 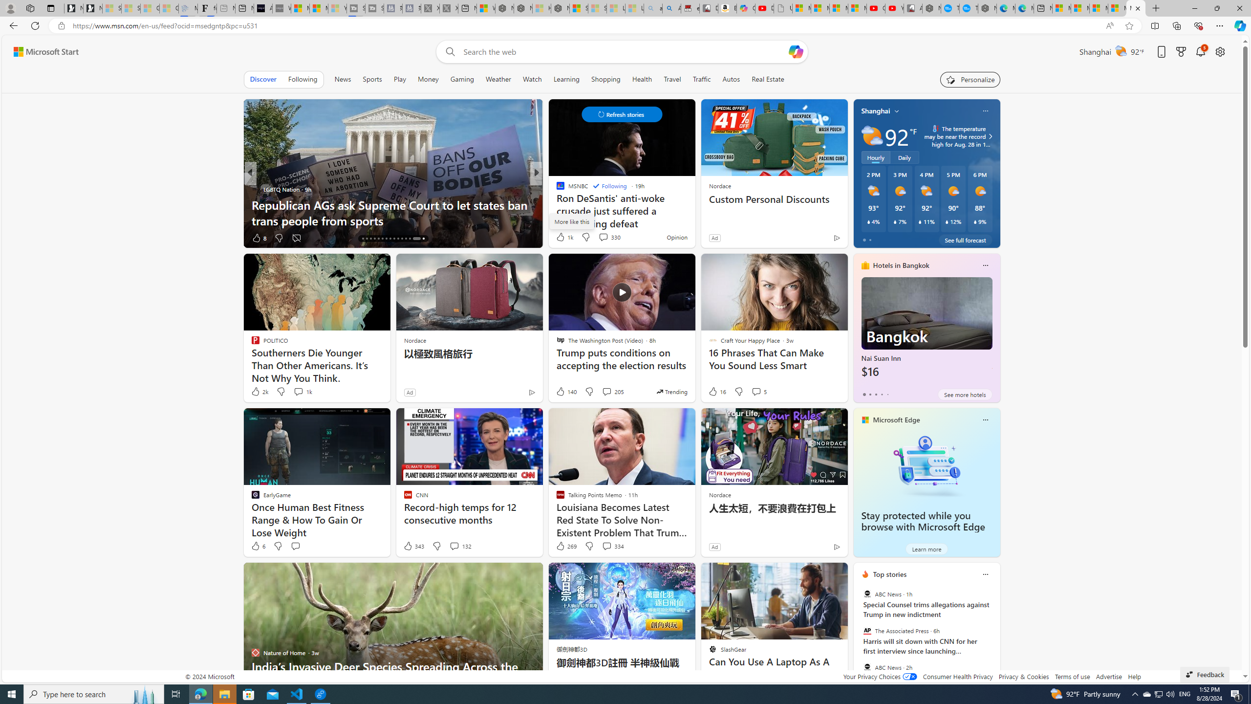 What do you see at coordinates (255, 189) in the screenshot?
I see `'LGBTQ Nation'` at bounding box center [255, 189].